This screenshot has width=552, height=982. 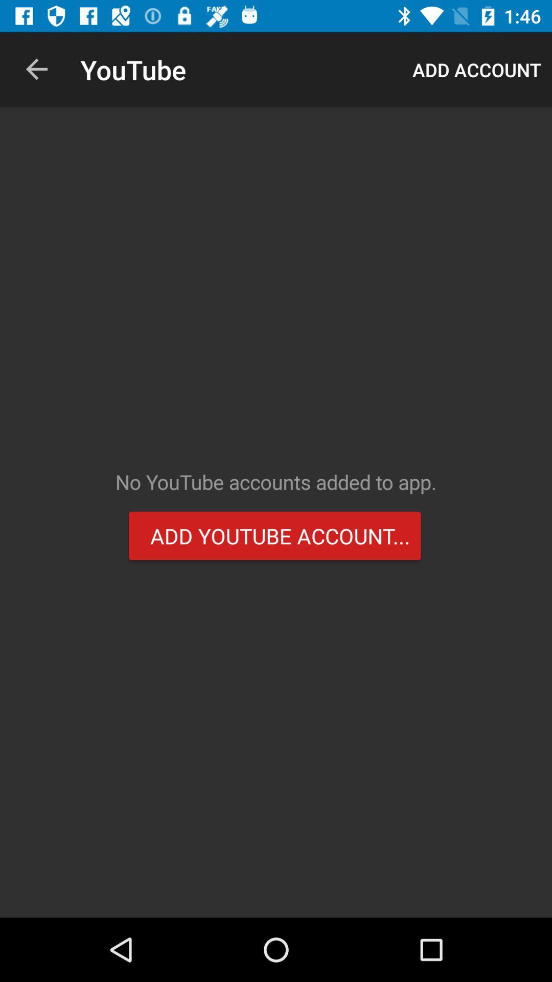 I want to click on item to the left of youtube, so click(x=37, y=69).